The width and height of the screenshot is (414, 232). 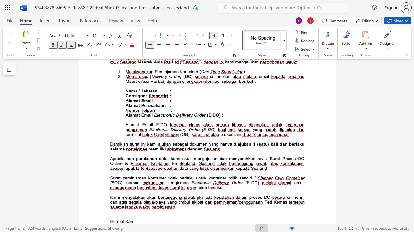 I want to click on the subset text "Hor" within the text "Hormat Kami,", so click(x=110, y=221).